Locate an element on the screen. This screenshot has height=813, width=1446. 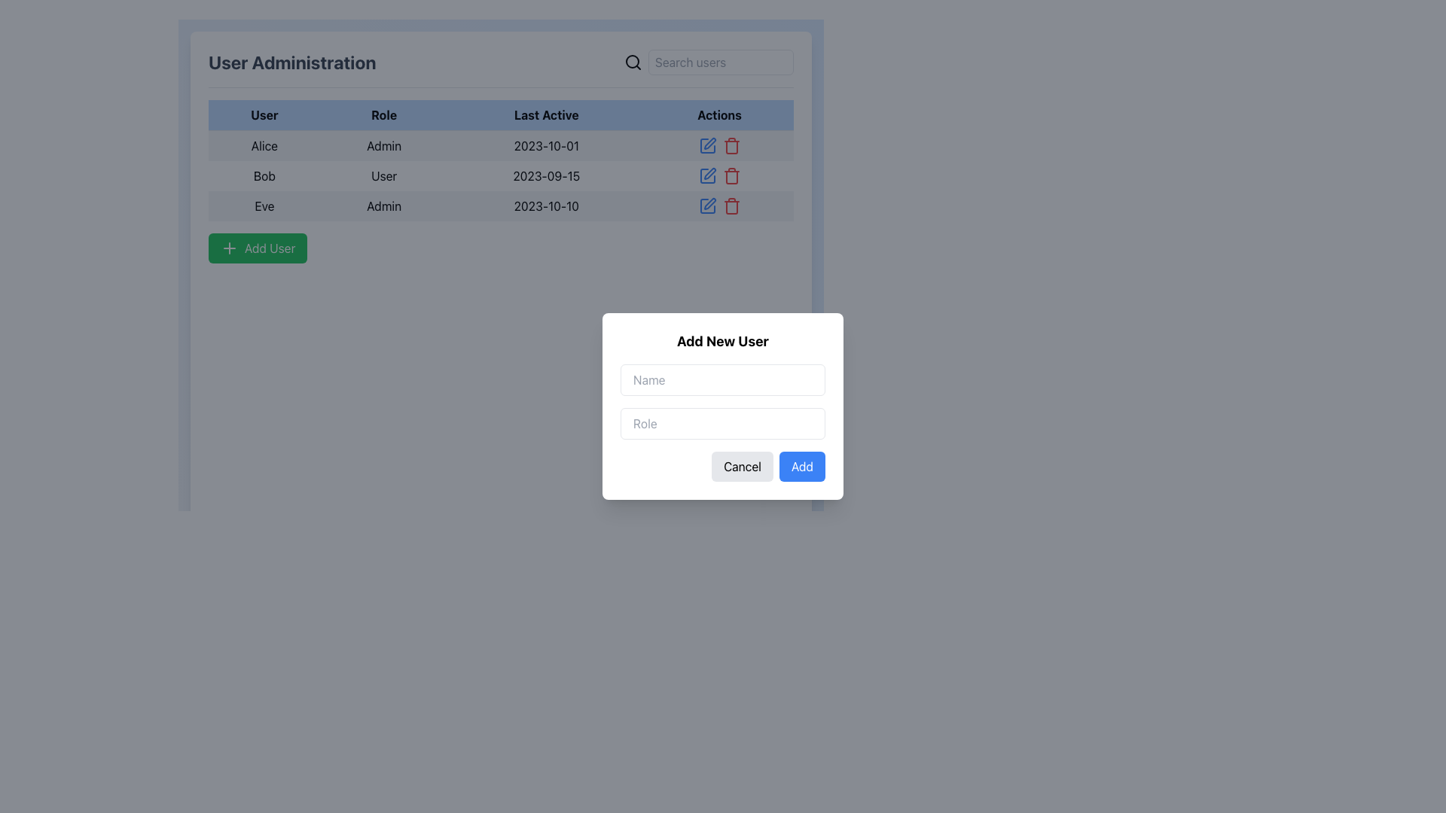
the column titles in the header row of the table, which is the first row located at the top of the table structure is located at coordinates (501, 114).